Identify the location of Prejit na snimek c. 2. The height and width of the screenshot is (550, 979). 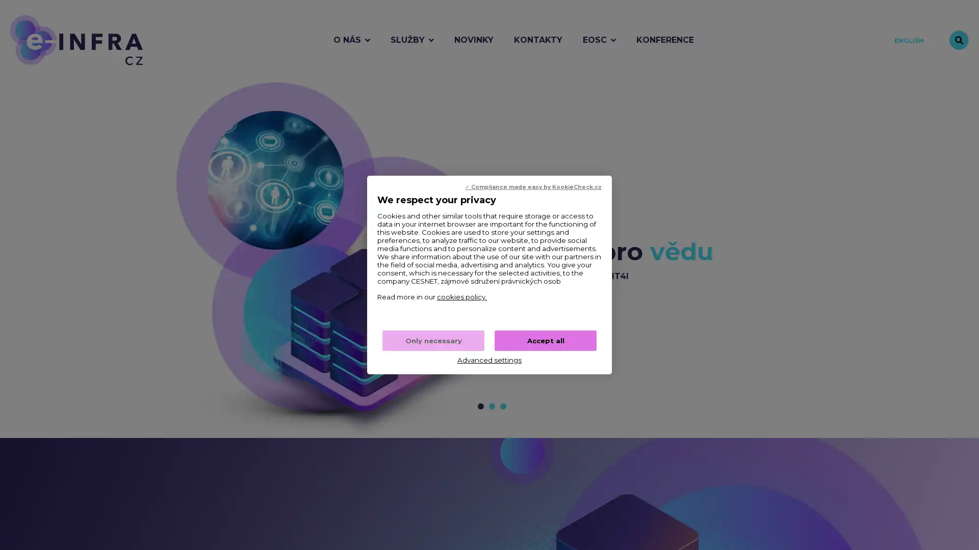
(492, 406).